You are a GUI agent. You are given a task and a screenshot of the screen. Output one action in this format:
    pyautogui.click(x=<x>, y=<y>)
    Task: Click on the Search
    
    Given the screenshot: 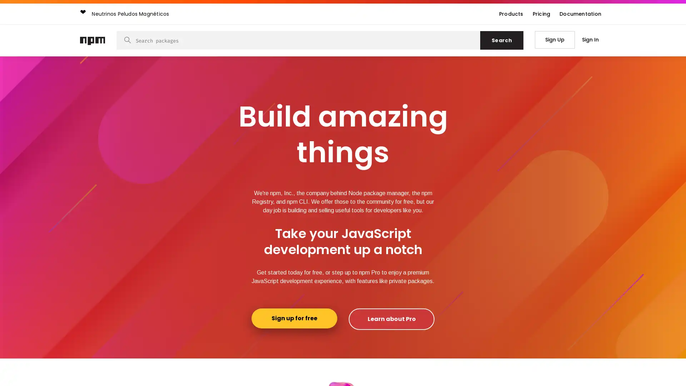 What is the action you would take?
    pyautogui.click(x=501, y=40)
    